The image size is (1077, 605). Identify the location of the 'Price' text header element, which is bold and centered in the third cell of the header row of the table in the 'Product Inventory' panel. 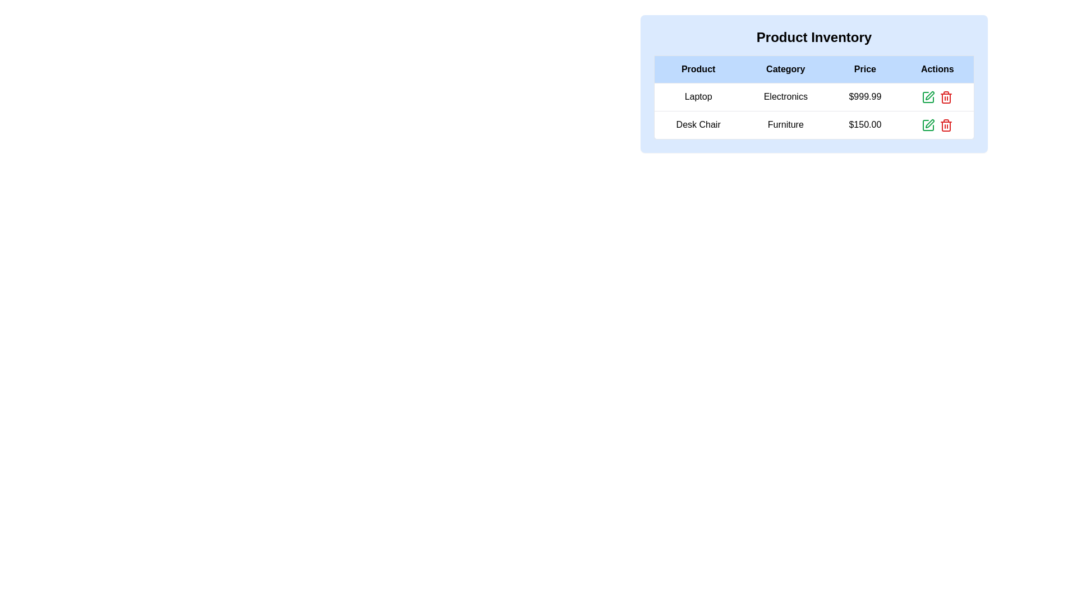
(864, 69).